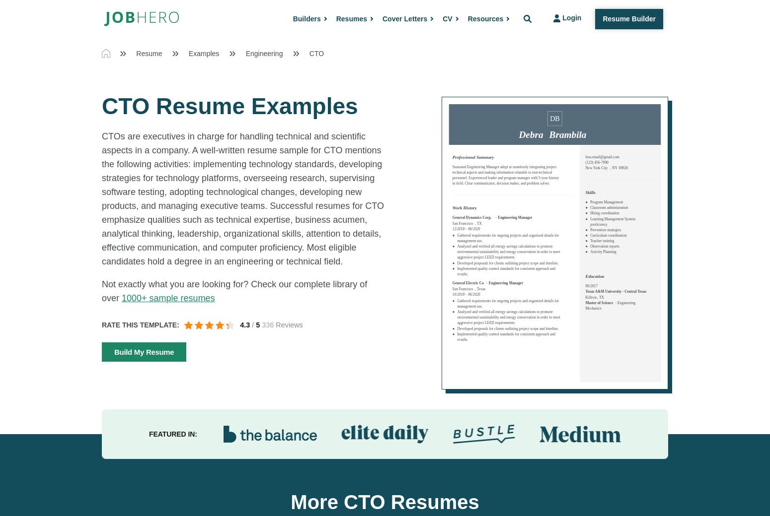  Describe the element at coordinates (484, 18) in the screenshot. I see `'Resources'` at that location.